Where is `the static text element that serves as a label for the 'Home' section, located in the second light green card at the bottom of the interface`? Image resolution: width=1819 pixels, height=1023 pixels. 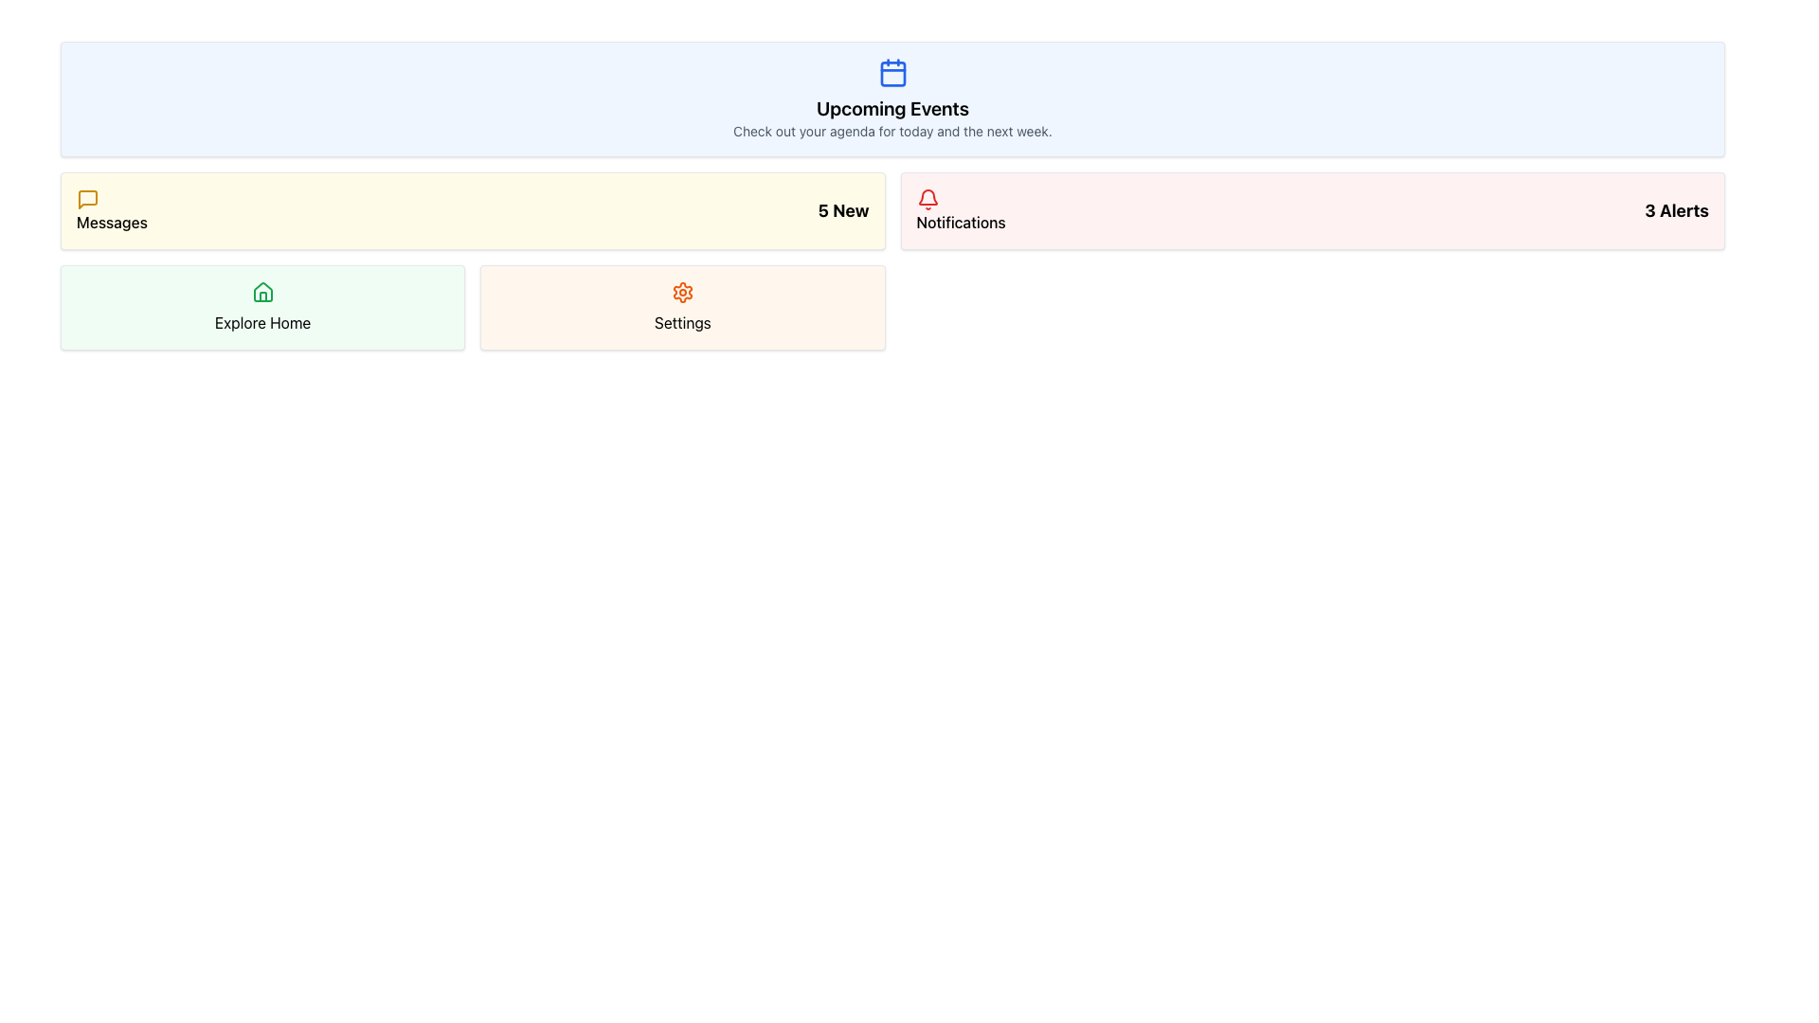 the static text element that serves as a label for the 'Home' section, located in the second light green card at the bottom of the interface is located at coordinates (261, 321).